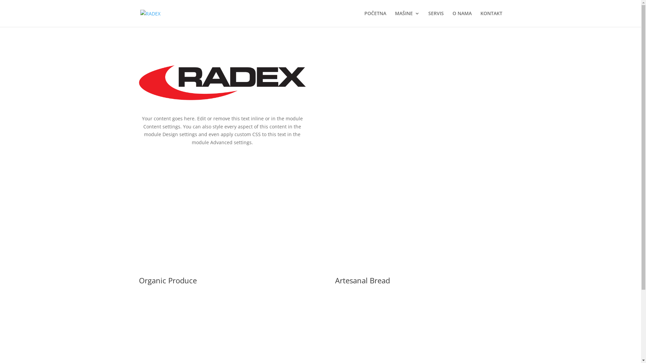 This screenshot has width=646, height=363. Describe the element at coordinates (491, 18) in the screenshot. I see `'KONTAKT'` at that location.